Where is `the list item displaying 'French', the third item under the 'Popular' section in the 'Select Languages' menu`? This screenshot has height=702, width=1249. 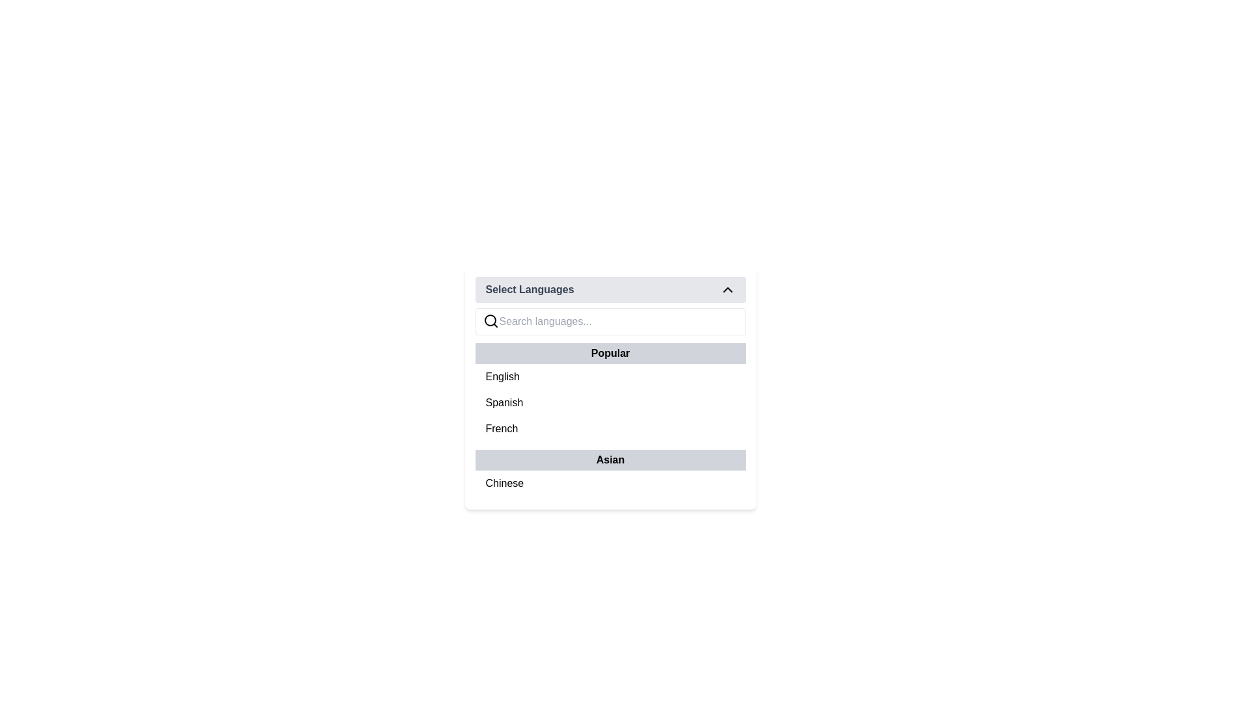 the list item displaying 'French', the third item under the 'Popular' section in the 'Select Languages' menu is located at coordinates (610, 428).